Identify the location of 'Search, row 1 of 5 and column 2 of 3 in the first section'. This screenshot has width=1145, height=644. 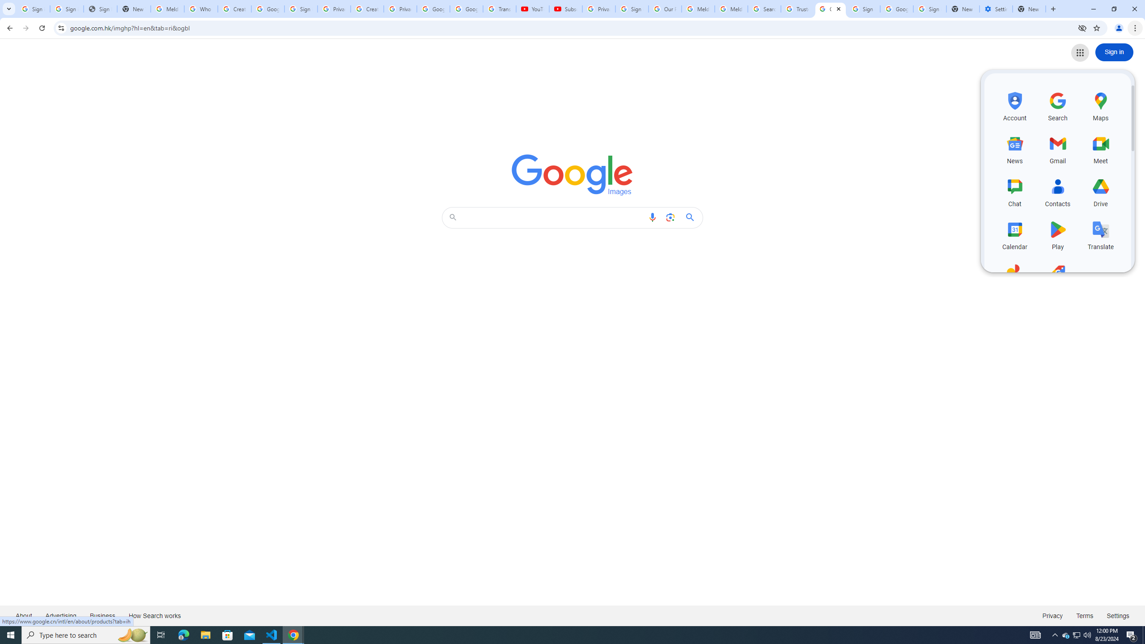
(1057, 105).